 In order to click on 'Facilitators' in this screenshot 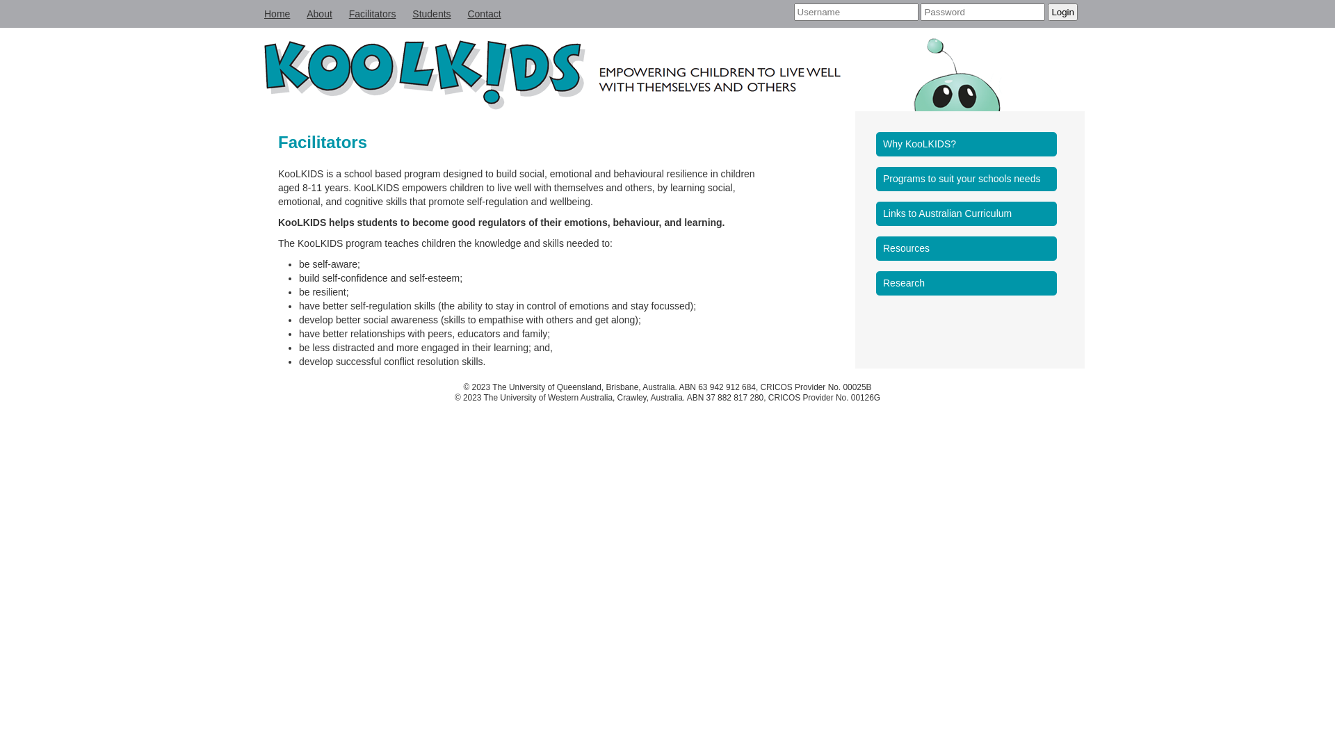, I will do `click(373, 13)`.